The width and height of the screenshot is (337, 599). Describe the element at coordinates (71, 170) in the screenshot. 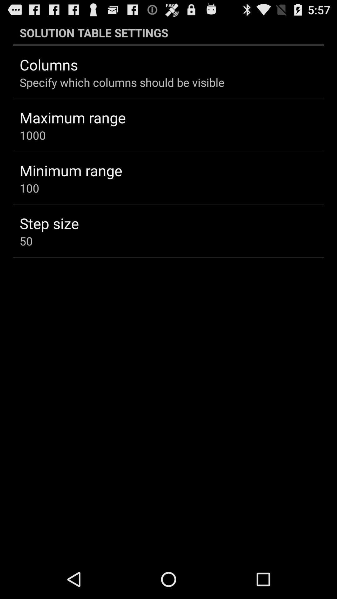

I see `the minimum range item` at that location.